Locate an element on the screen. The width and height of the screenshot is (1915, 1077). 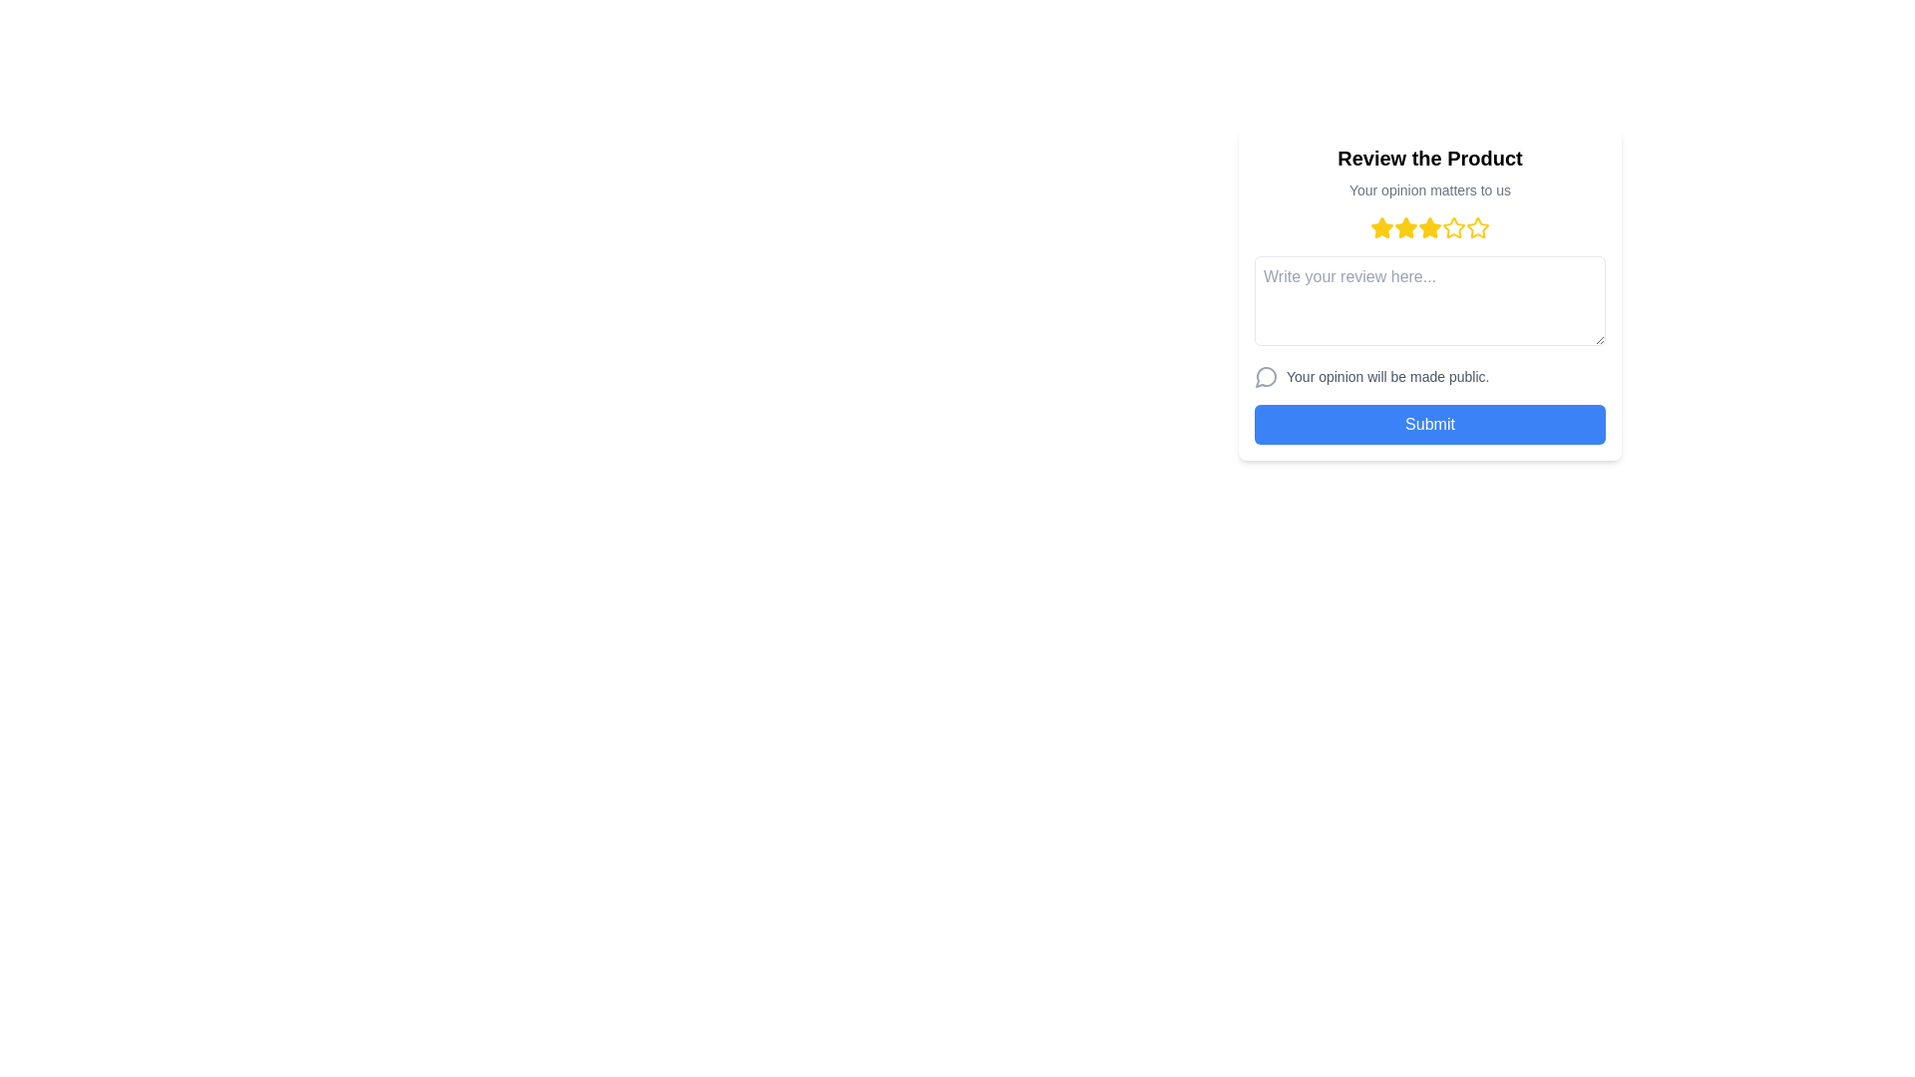
the fifth star icon in the rating system is located at coordinates (1478, 226).